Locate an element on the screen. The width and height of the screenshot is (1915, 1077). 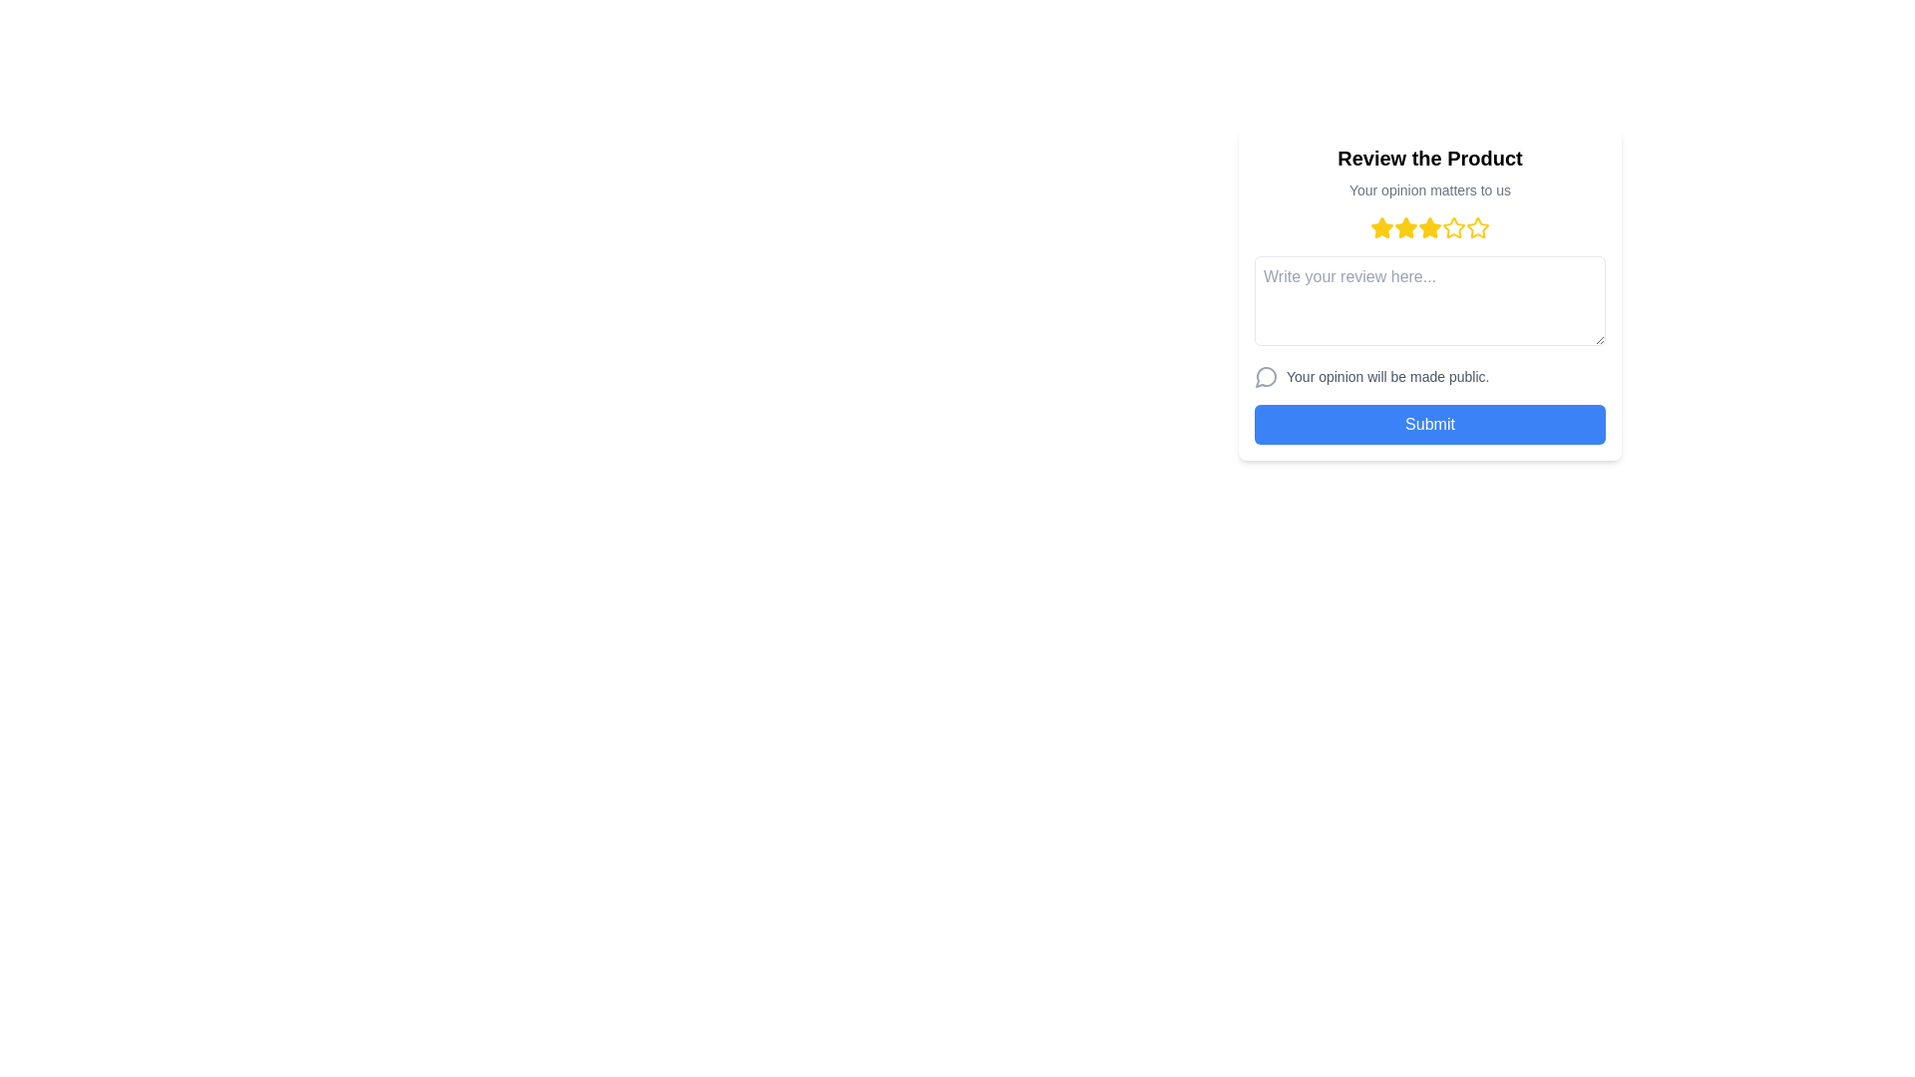
the fifth star icon in the rating system is located at coordinates (1478, 226).